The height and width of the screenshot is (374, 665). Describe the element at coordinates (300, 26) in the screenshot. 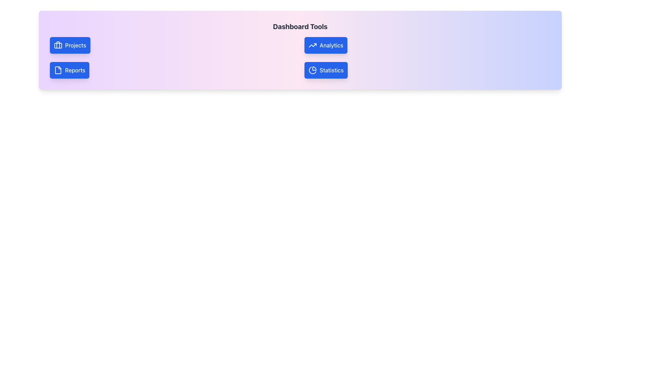

I see `the Text Label indicating the dashboard tools section, which is positioned at the top-center of the interface` at that location.